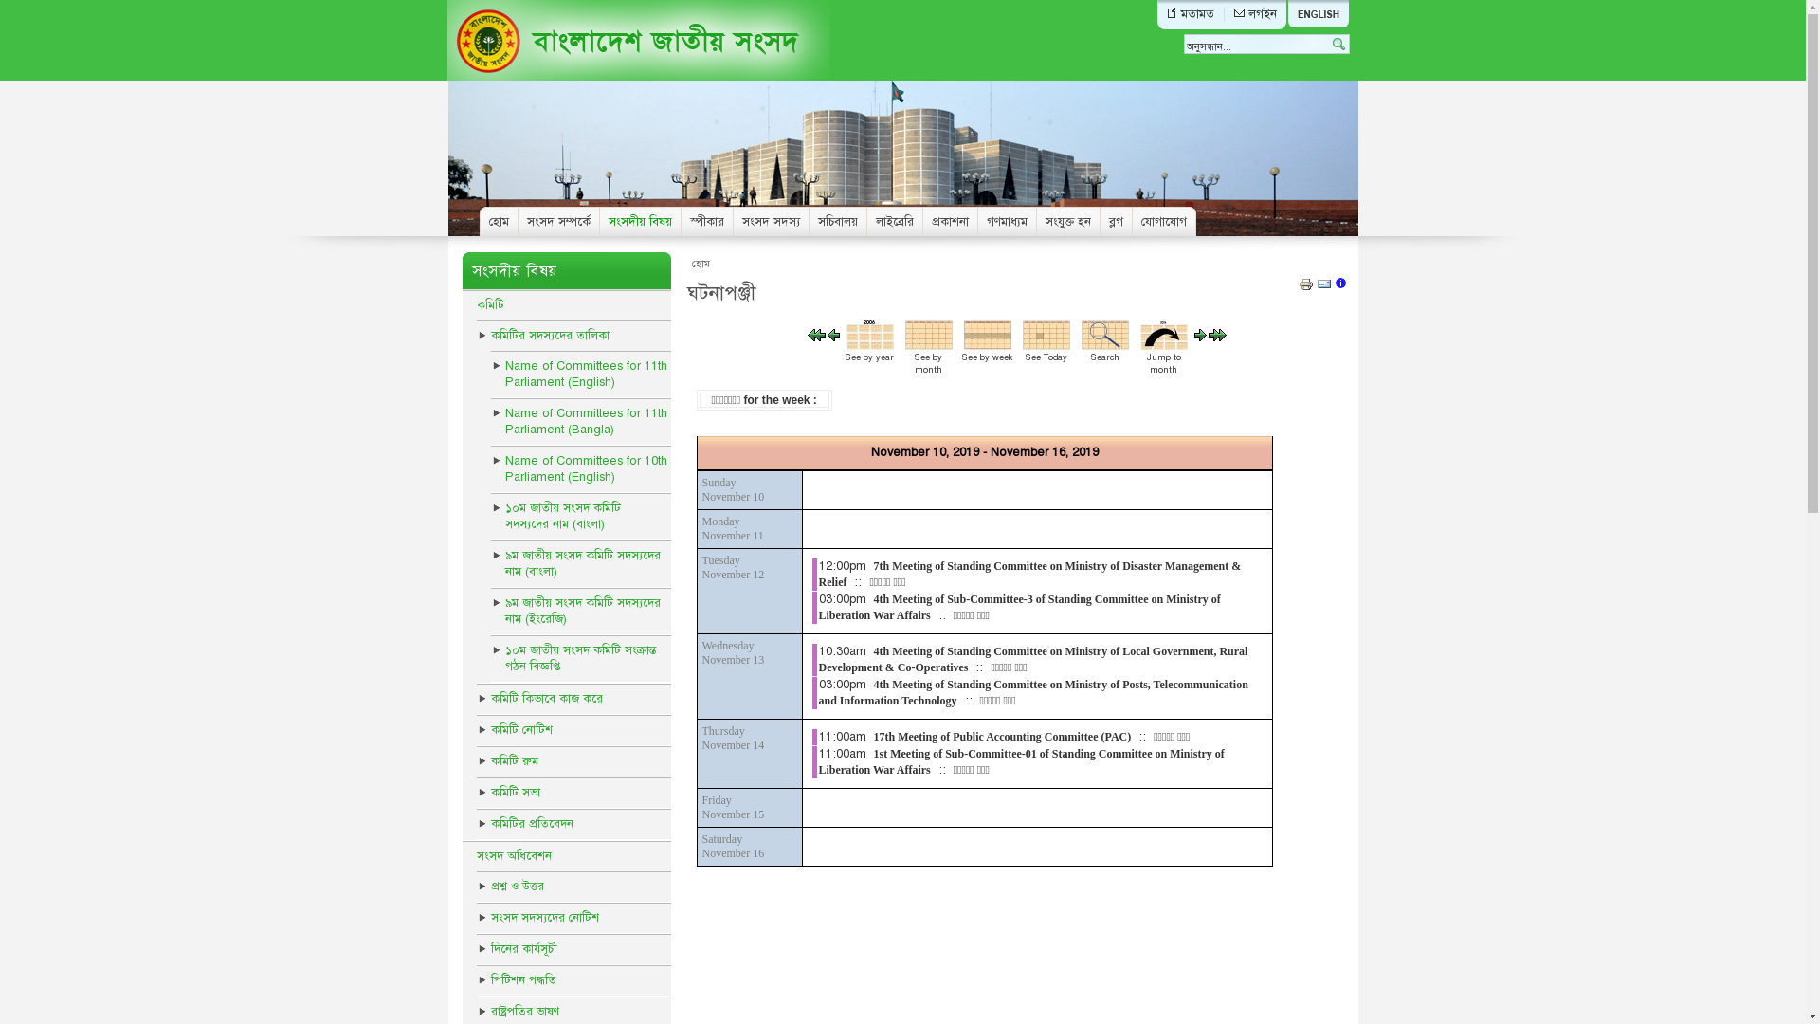 The height and width of the screenshot is (1024, 1820). Describe the element at coordinates (731, 845) in the screenshot. I see `'Saturday` at that location.